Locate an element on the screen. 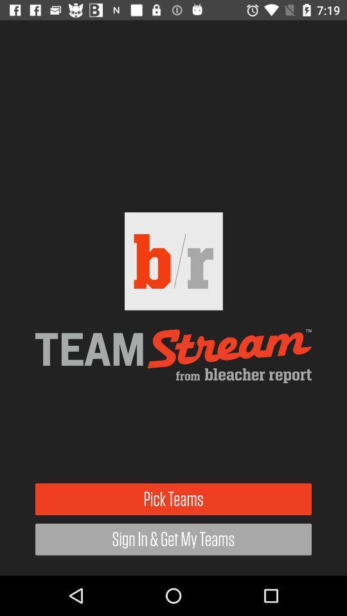  icon below pick teams is located at coordinates (173, 539).